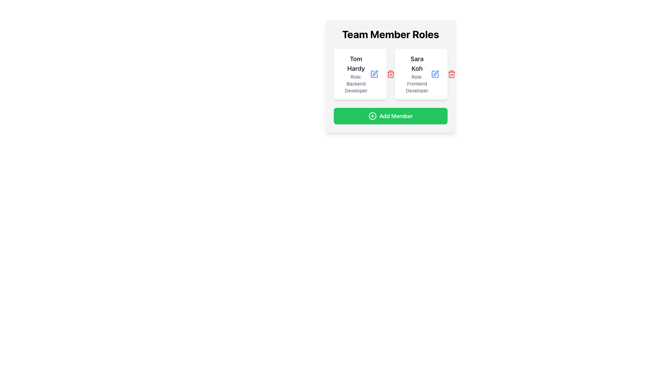 The width and height of the screenshot is (660, 371). Describe the element at coordinates (356, 64) in the screenshot. I see `the Text Label displaying 'Tom Hardy', which serves as an informational label for the team member's name, located in the top-left section of the card` at that location.